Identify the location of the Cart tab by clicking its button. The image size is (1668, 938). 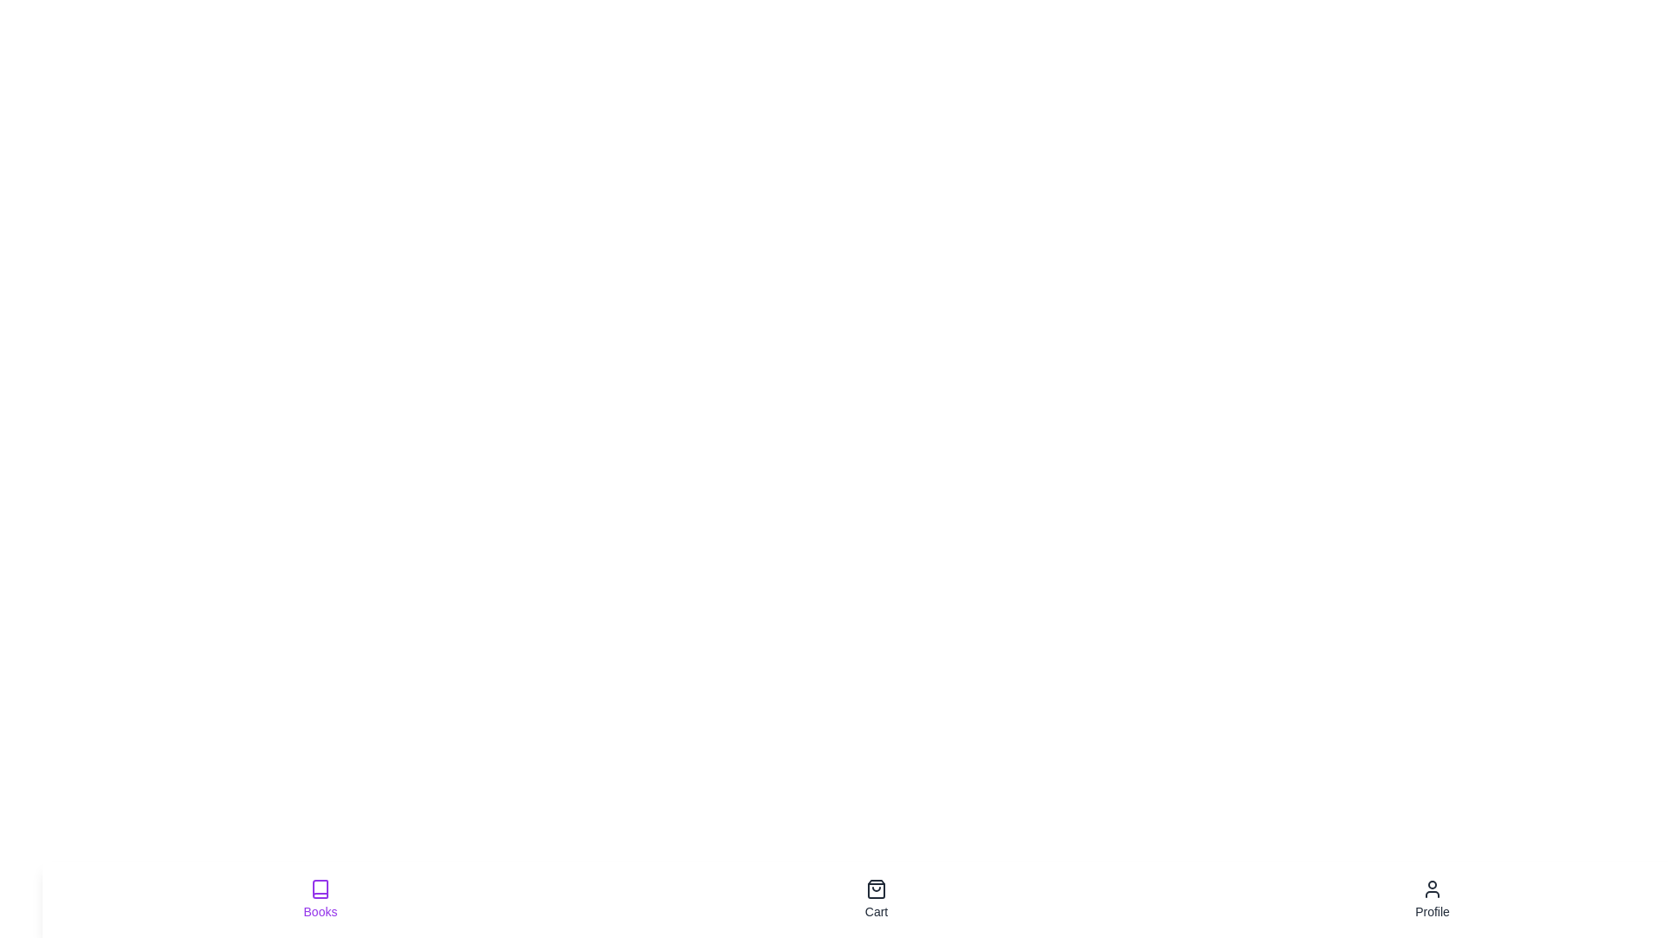
(876, 899).